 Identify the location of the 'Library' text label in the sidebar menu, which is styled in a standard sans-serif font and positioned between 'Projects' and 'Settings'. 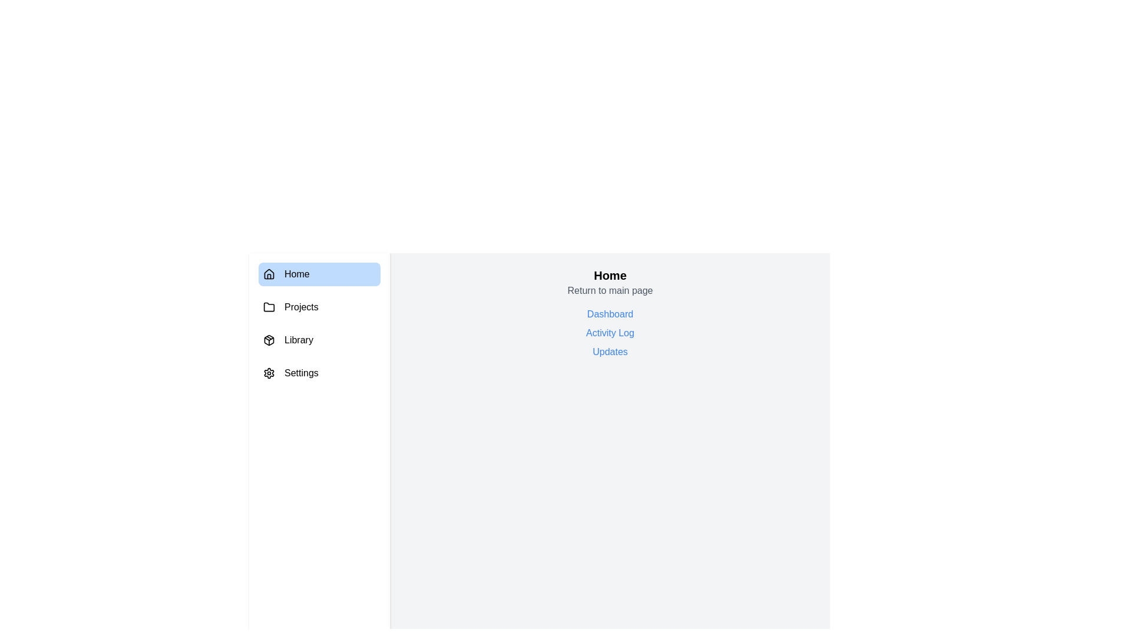
(299, 340).